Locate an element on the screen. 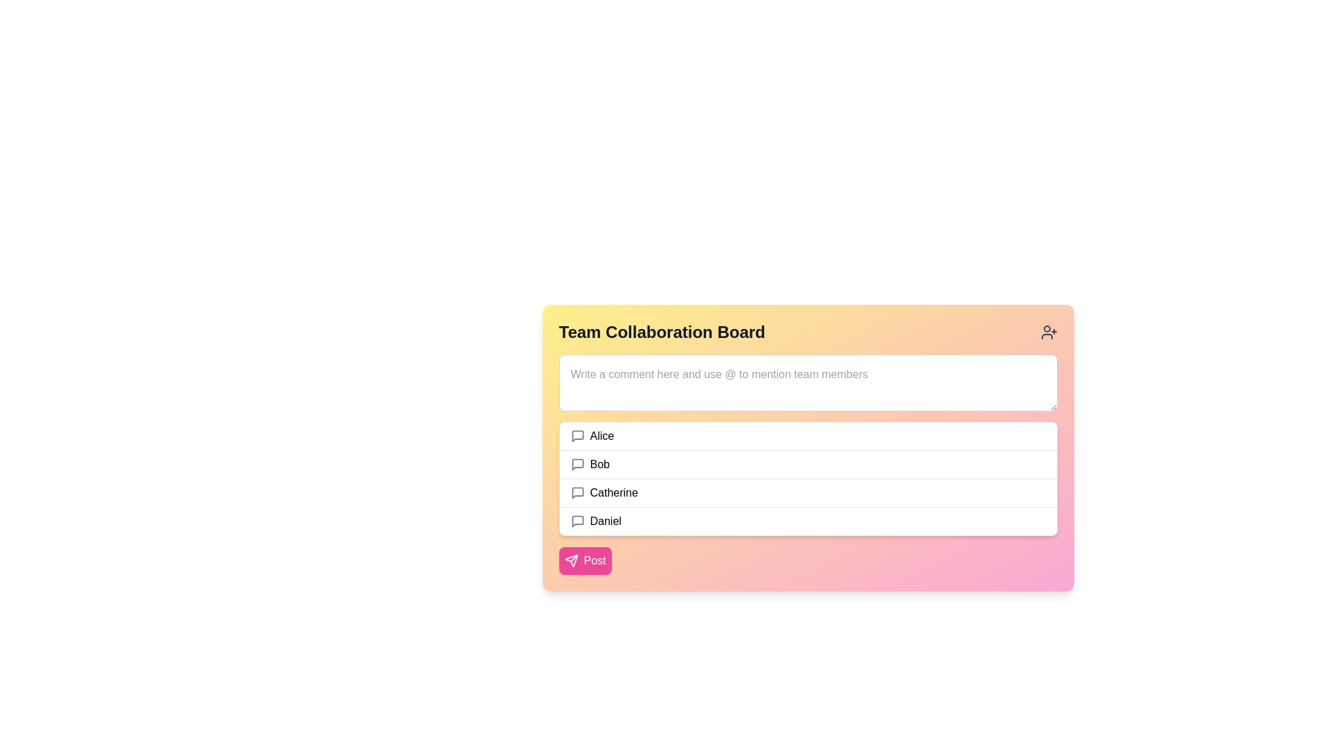 Image resolution: width=1329 pixels, height=748 pixels. the list item representing 'Bob' is located at coordinates (808, 464).